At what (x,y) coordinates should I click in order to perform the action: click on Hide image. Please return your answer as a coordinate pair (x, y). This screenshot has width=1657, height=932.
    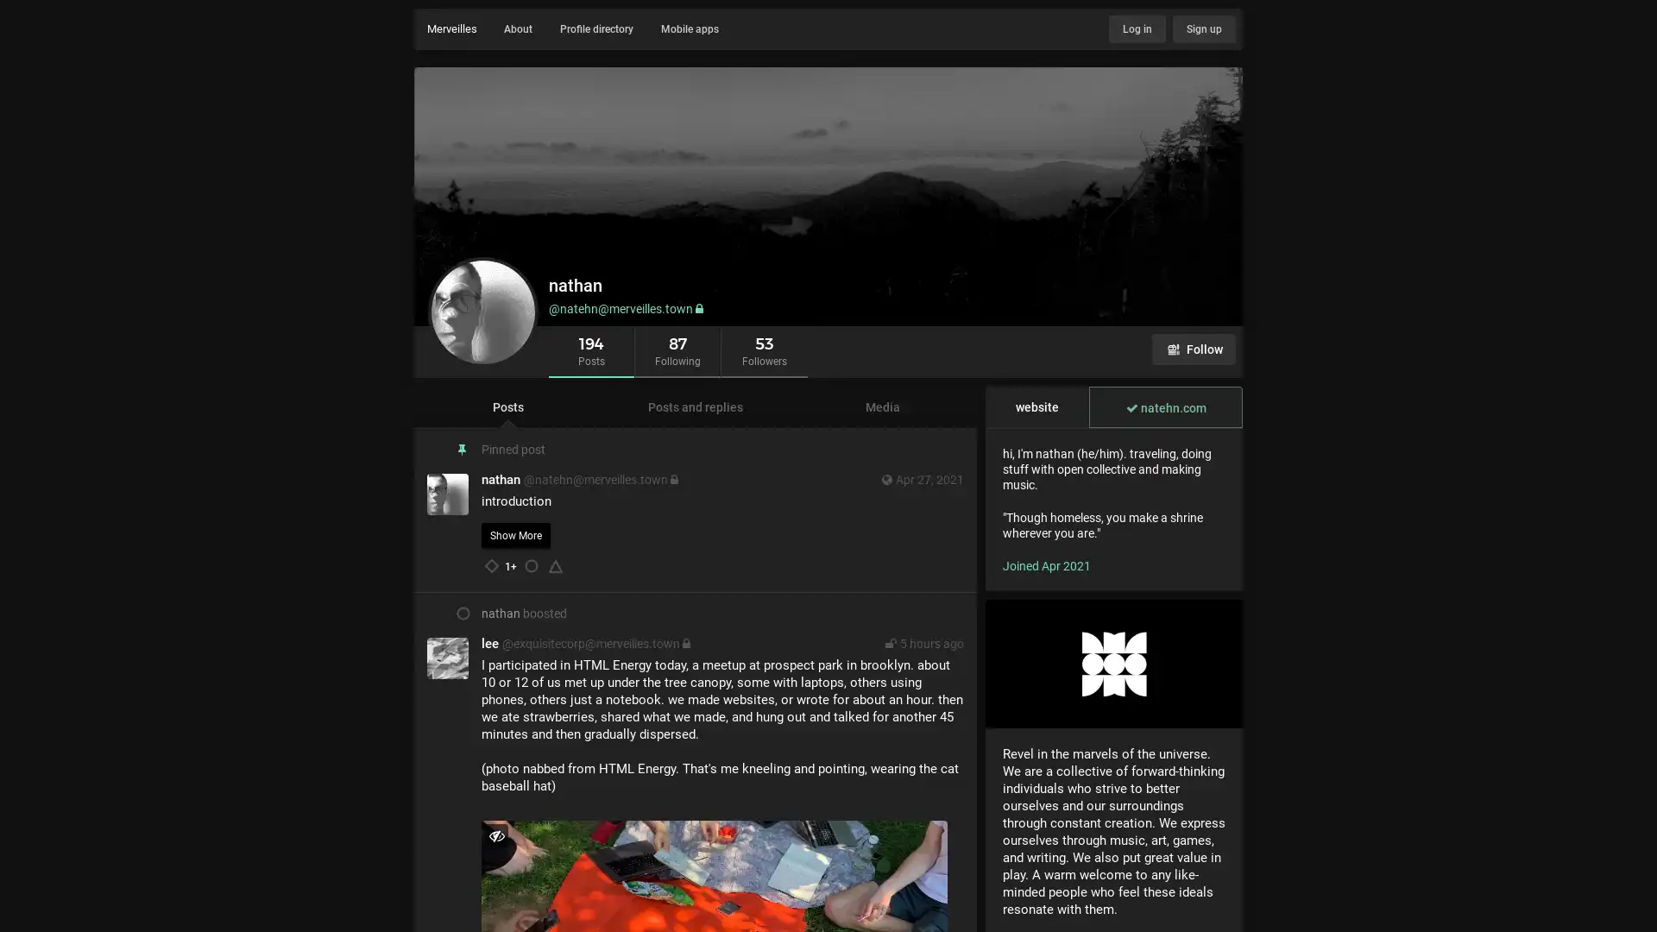
    Looking at the image, I should click on (495, 834).